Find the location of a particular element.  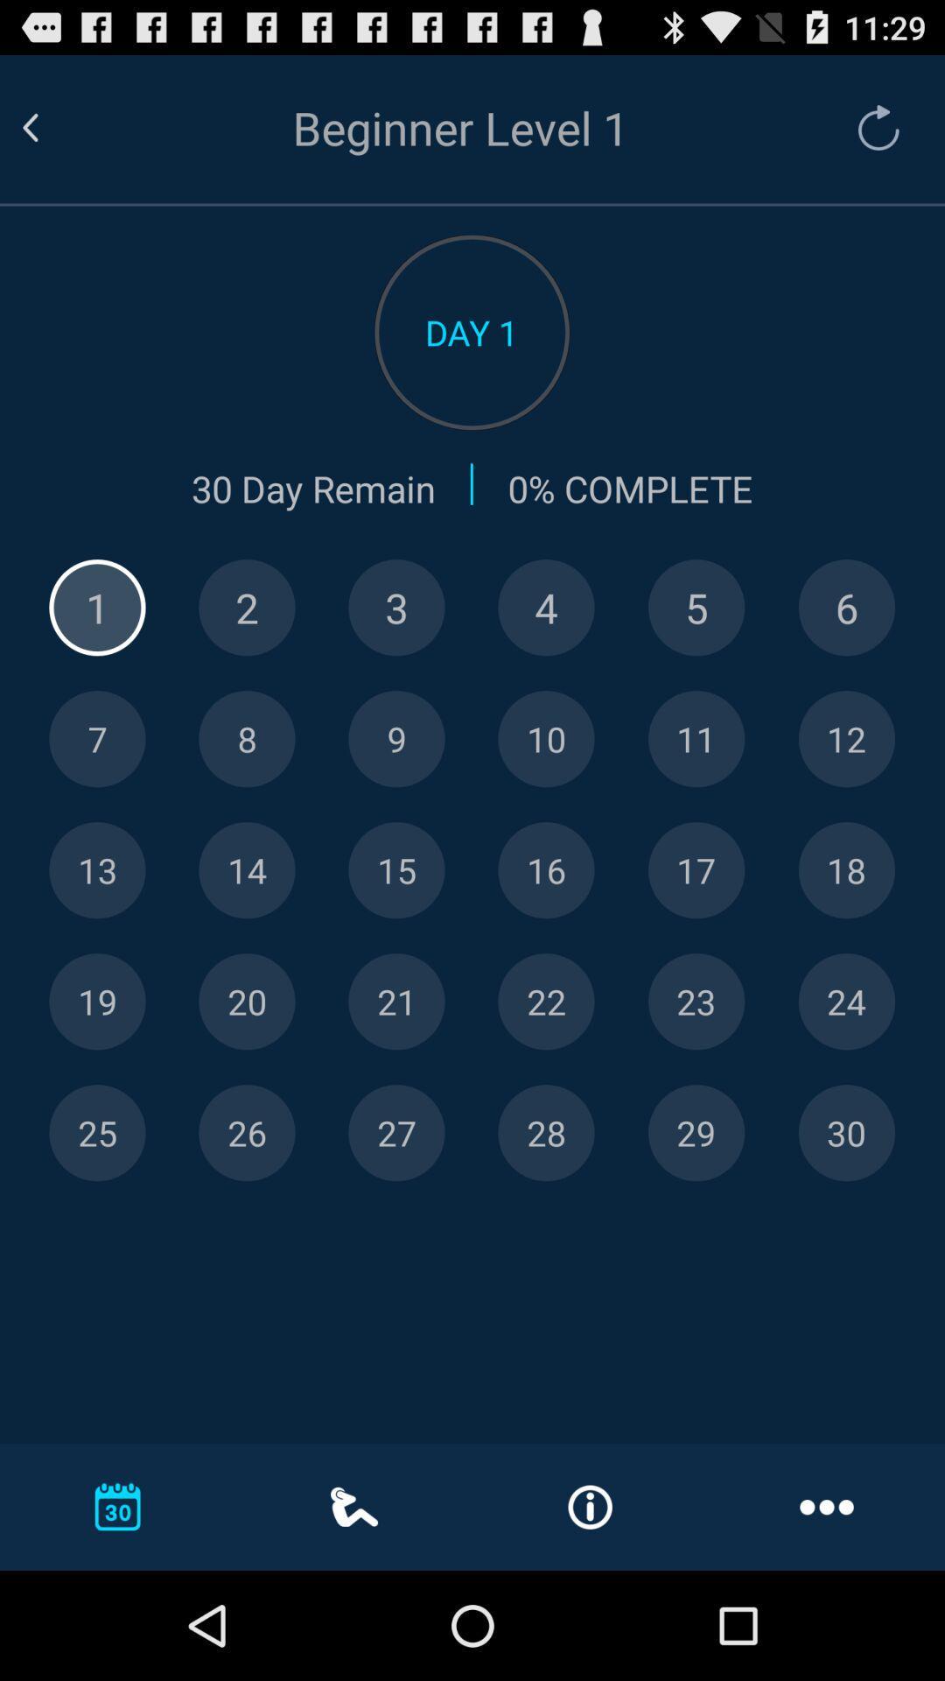

shows number 24 is located at coordinates (845, 1002).